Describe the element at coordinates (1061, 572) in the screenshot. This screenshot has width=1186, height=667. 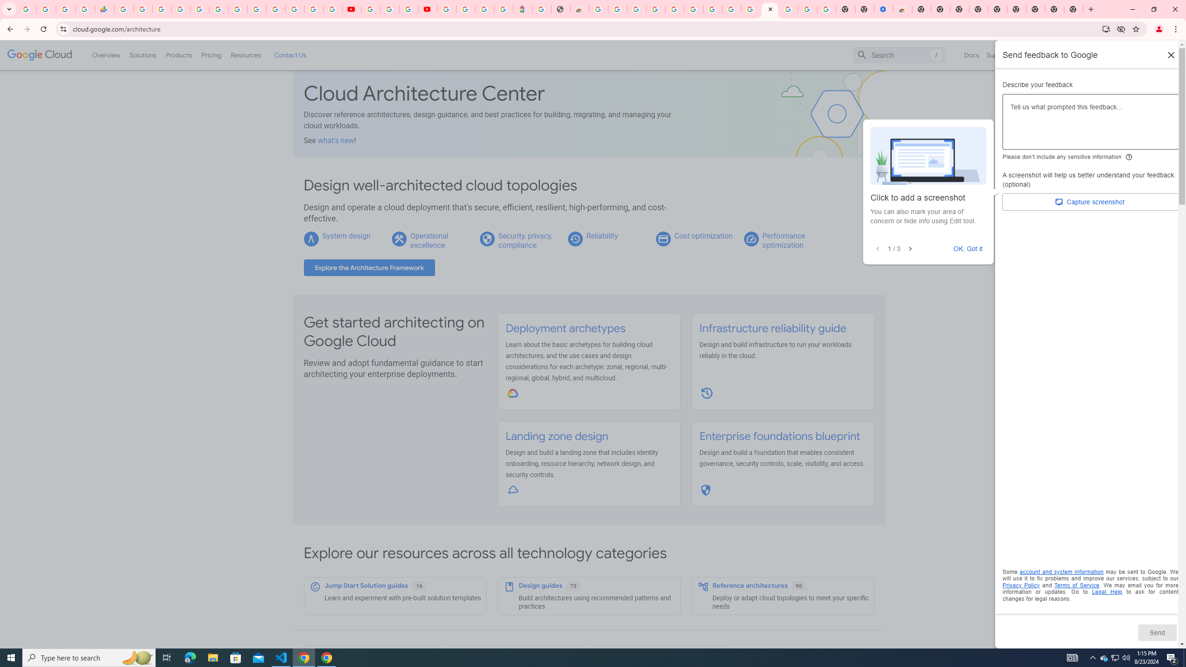
I see `'account and system information'` at that location.